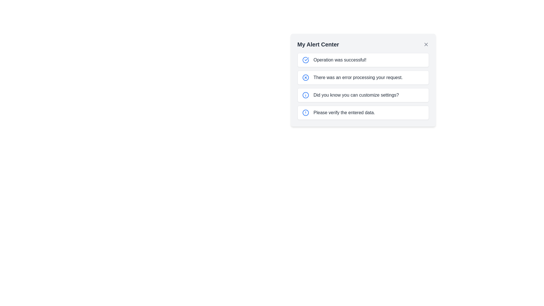 The image size is (544, 306). What do you see at coordinates (344, 112) in the screenshot?
I see `error notification message displayed in the fourth notification item of the 'My Alert Center' section, which is aligned to the left side next to an icon` at bounding box center [344, 112].